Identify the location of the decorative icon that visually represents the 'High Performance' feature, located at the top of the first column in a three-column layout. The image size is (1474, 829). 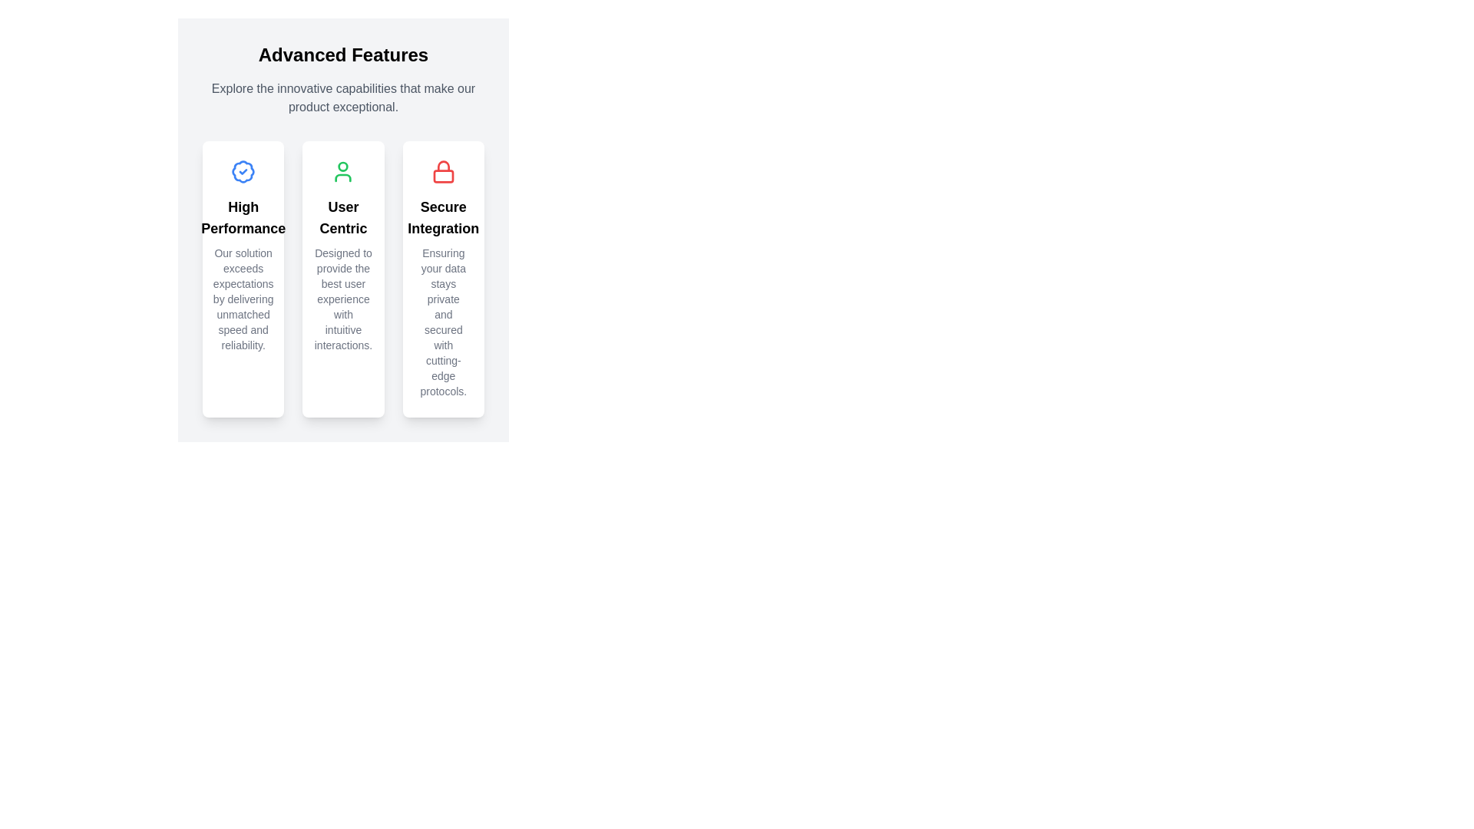
(243, 171).